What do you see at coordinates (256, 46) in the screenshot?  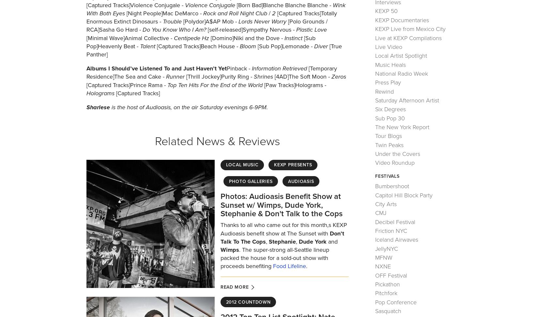 I see `'[Sub Pop]Lemonade -'` at bounding box center [256, 46].